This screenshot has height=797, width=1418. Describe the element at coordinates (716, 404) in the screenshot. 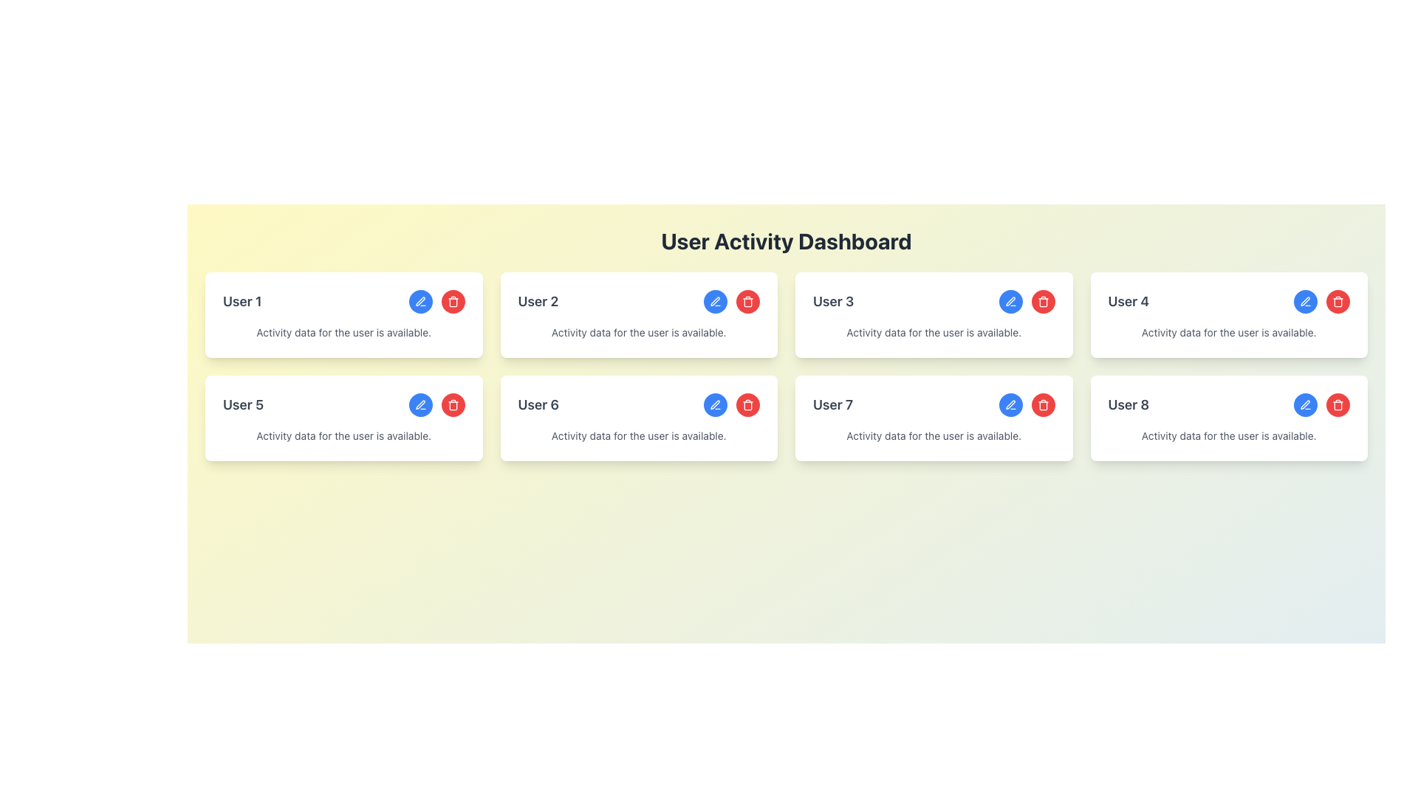

I see `the button located at the top-right corner of the card labeled 'User 6' in the second row, second column` at that location.